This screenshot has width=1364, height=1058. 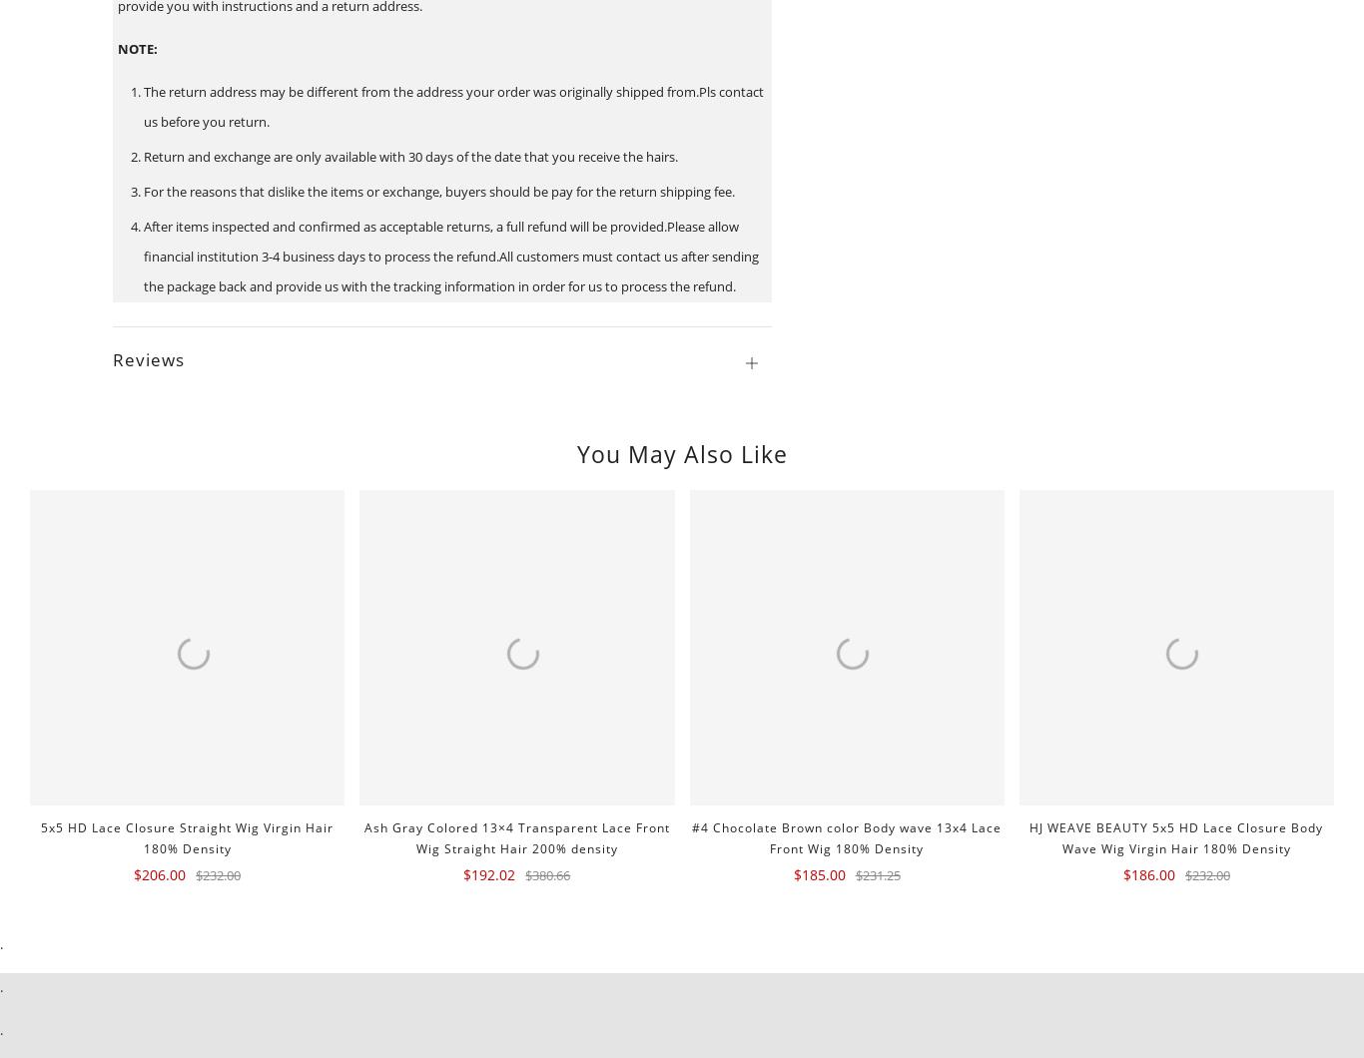 What do you see at coordinates (40, 836) in the screenshot?
I see `'5x5 HD Lace Closure Straight Wig Virgin Hair 180% Density'` at bounding box center [40, 836].